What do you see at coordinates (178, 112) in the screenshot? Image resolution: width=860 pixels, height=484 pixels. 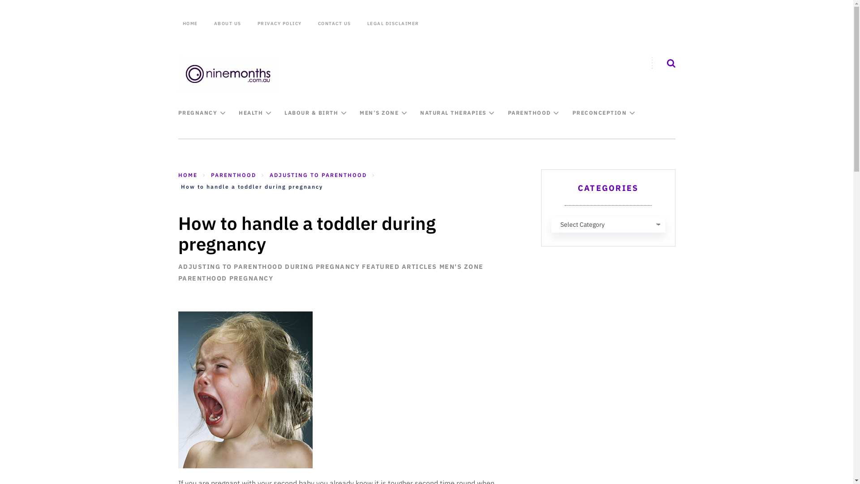 I see `'PREGNANCY'` at bounding box center [178, 112].